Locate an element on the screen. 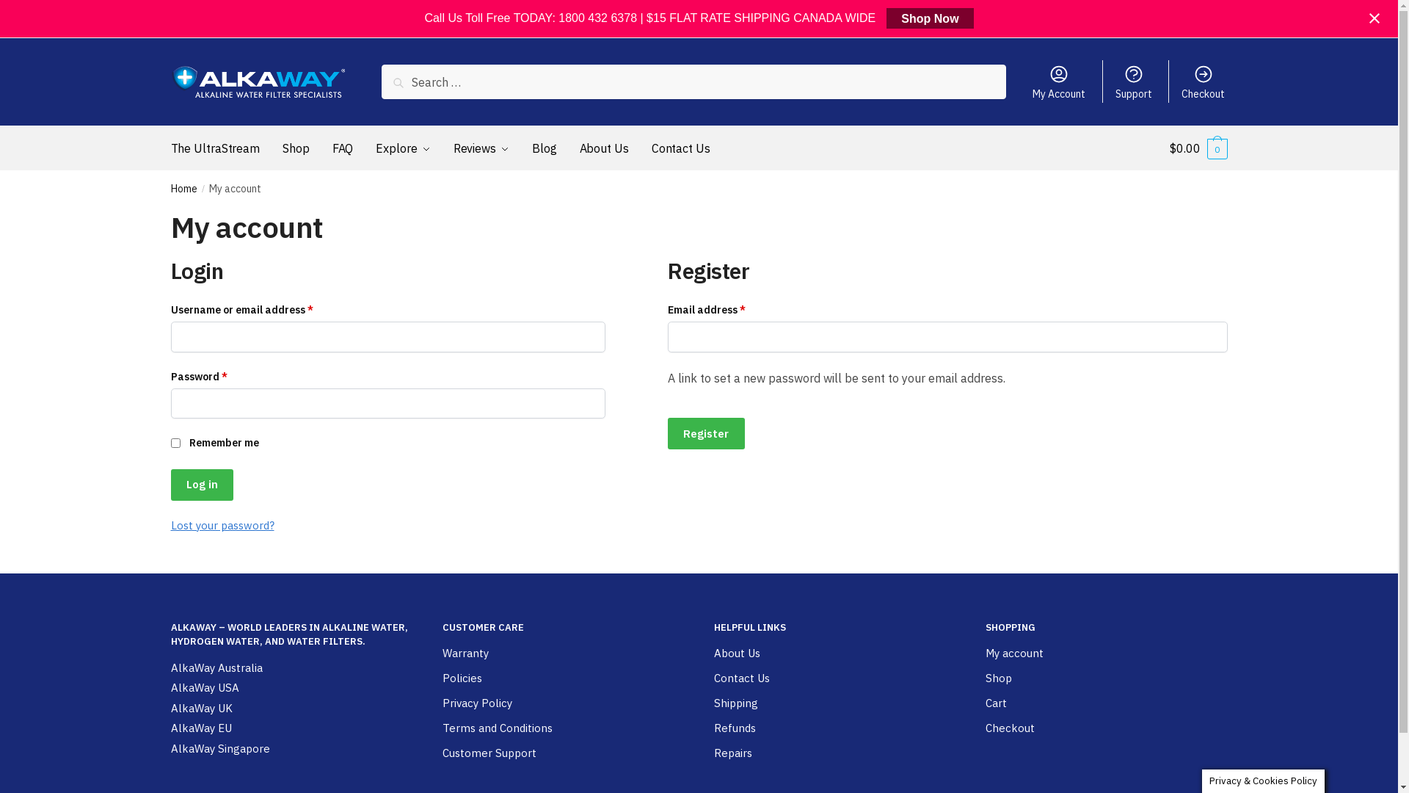 The height and width of the screenshot is (793, 1409). 'Reviews' is located at coordinates (446, 148).